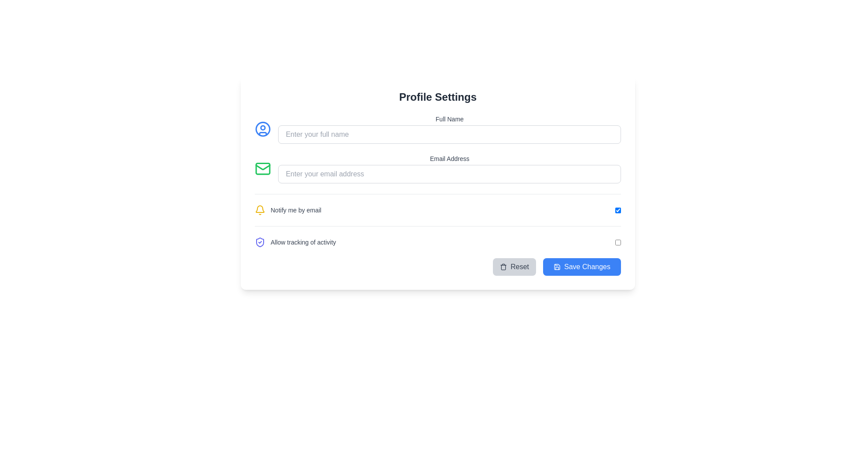 The width and height of the screenshot is (845, 475). What do you see at coordinates (557, 266) in the screenshot?
I see `the save icon located within the 'Save Changes' blue button in the lower-right corner of the layout` at bounding box center [557, 266].